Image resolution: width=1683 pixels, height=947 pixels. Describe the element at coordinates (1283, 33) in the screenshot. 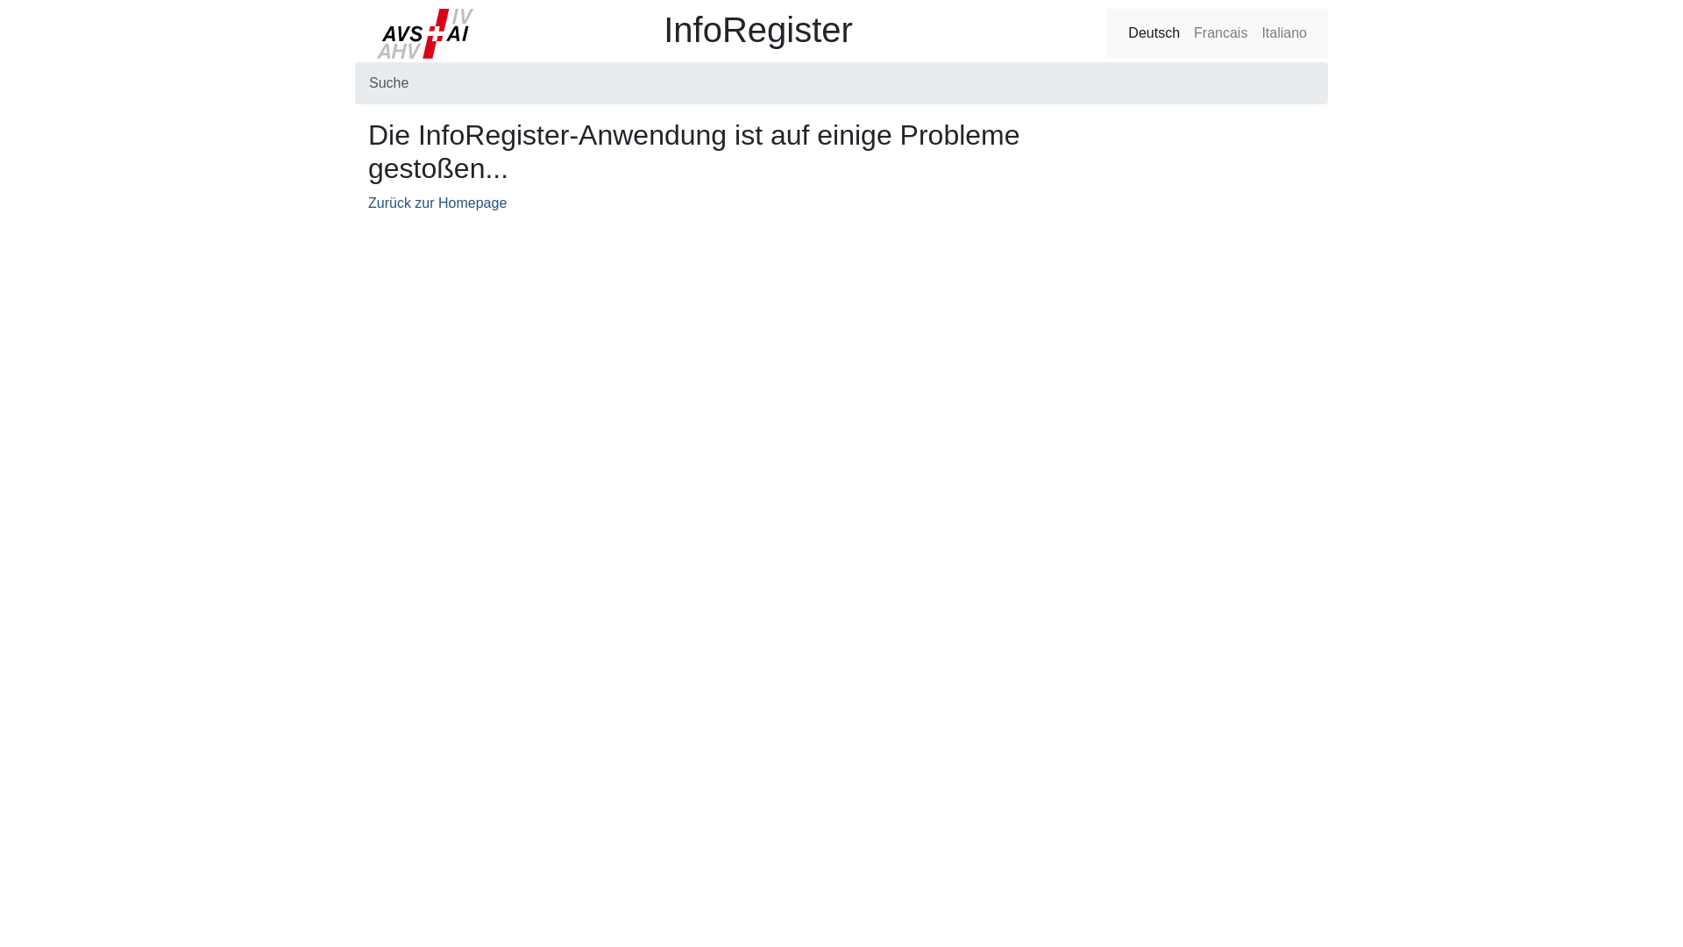

I see `'Italiano'` at that location.